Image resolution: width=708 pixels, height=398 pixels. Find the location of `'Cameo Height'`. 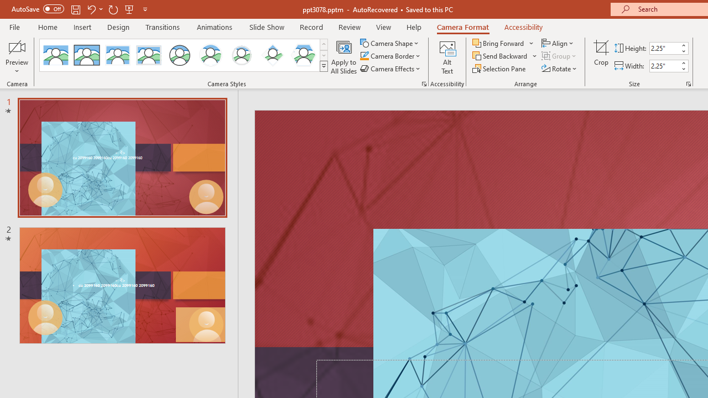

'Cameo Height' is located at coordinates (664, 48).